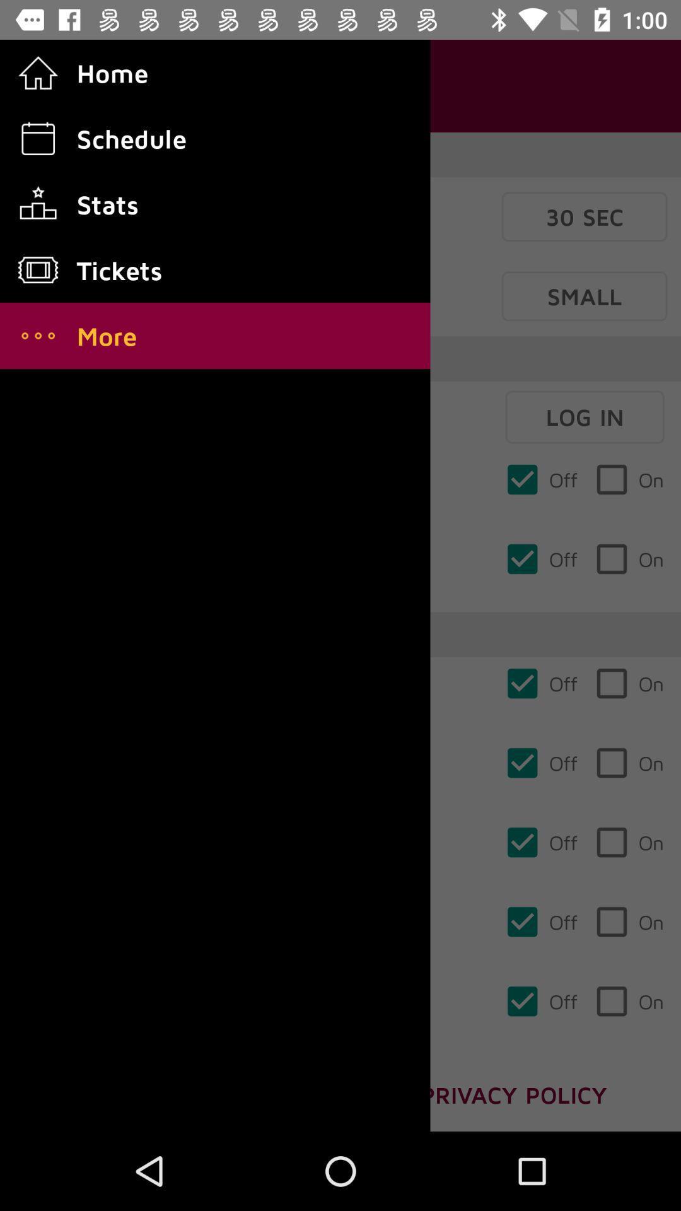  What do you see at coordinates (629, 1001) in the screenshot?
I see `the last on text option` at bounding box center [629, 1001].